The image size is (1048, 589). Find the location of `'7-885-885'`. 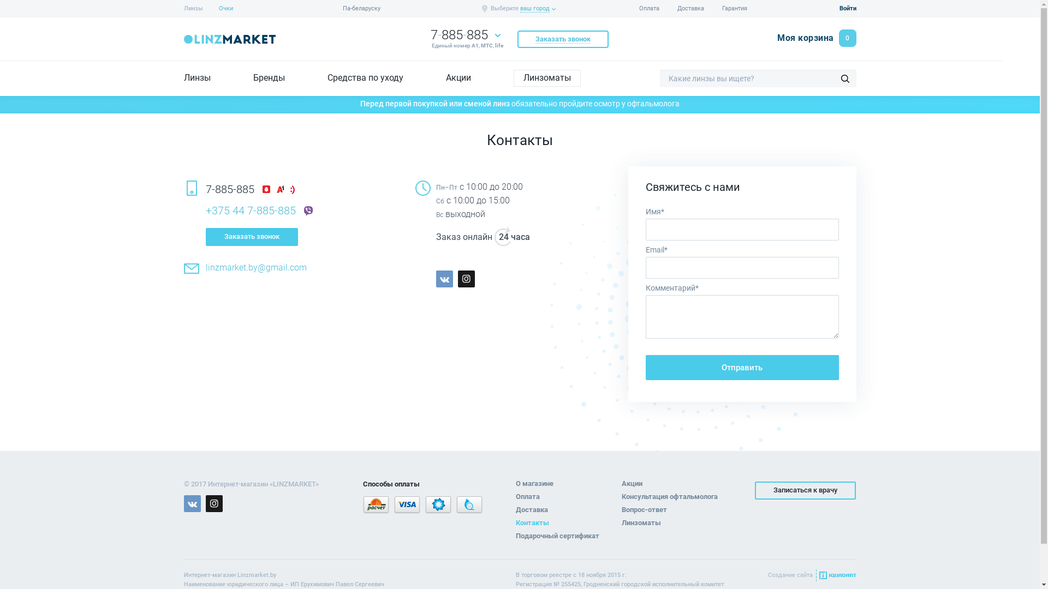

'7-885-885' is located at coordinates (229, 188).